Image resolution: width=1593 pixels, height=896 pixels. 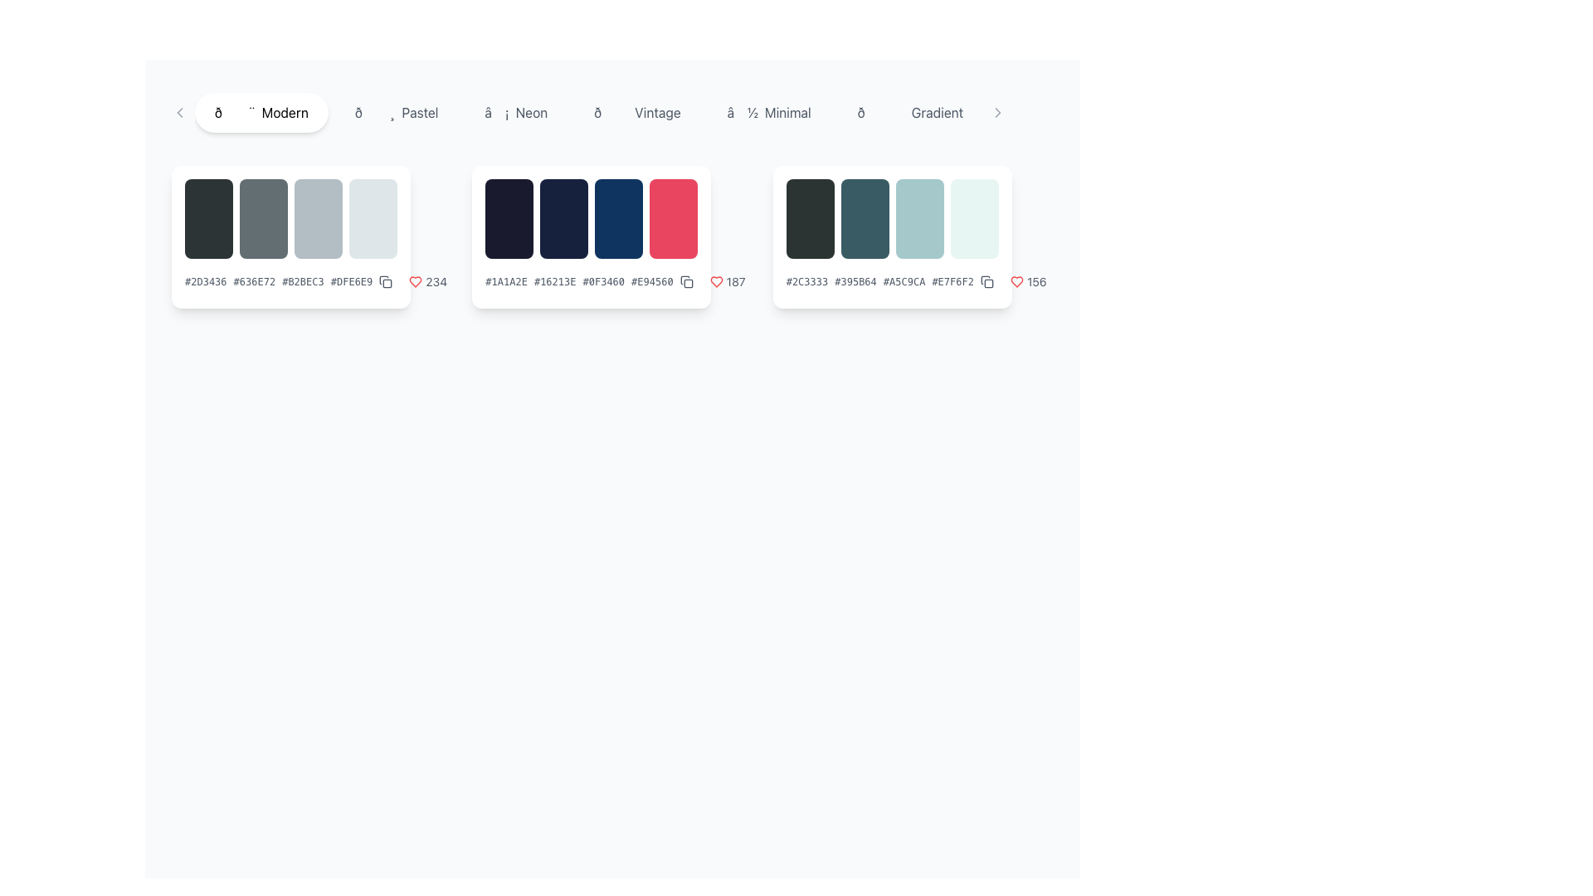 I want to click on displayed number '234' from the text label located in the second card, adjacent to a red heart icon, so click(x=436, y=280).